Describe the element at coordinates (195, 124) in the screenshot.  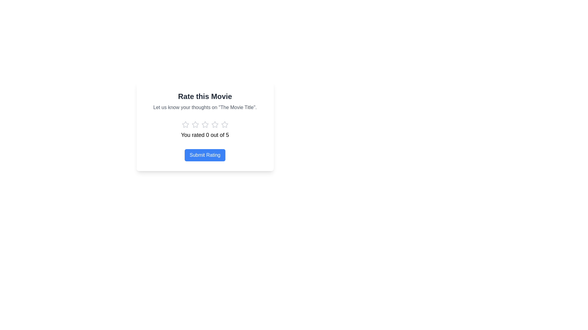
I see `the second star rating icon in the row of five stars, which allows users to select a rating for the movie` at that location.